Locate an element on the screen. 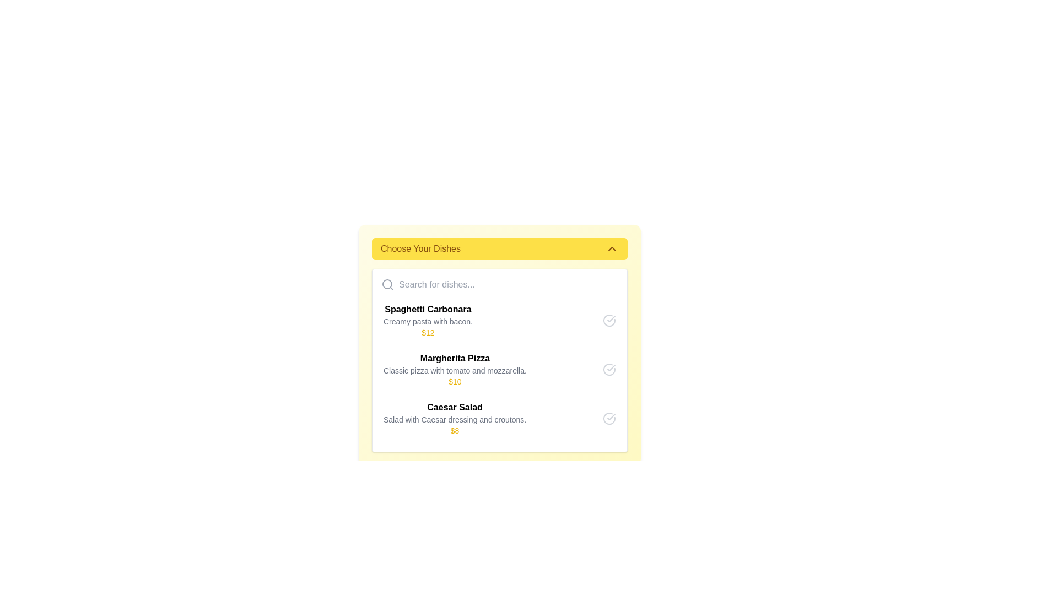 Image resolution: width=1058 pixels, height=595 pixels. text block displaying the title 'Caesar Salad,' description, and price '$8' located in the center-right region of the visible menu dropdown is located at coordinates (455, 418).